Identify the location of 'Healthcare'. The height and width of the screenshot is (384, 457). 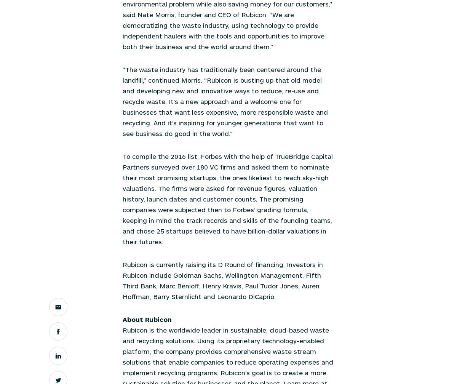
(136, 54).